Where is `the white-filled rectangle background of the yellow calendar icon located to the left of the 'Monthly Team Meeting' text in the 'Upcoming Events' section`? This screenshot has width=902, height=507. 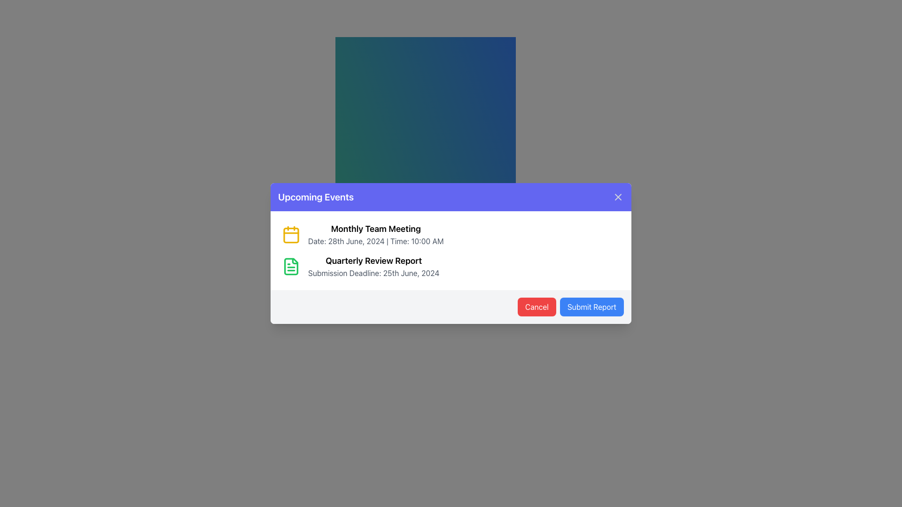 the white-filled rectangle background of the yellow calendar icon located to the left of the 'Monthly Team Meeting' text in the 'Upcoming Events' section is located at coordinates (290, 235).